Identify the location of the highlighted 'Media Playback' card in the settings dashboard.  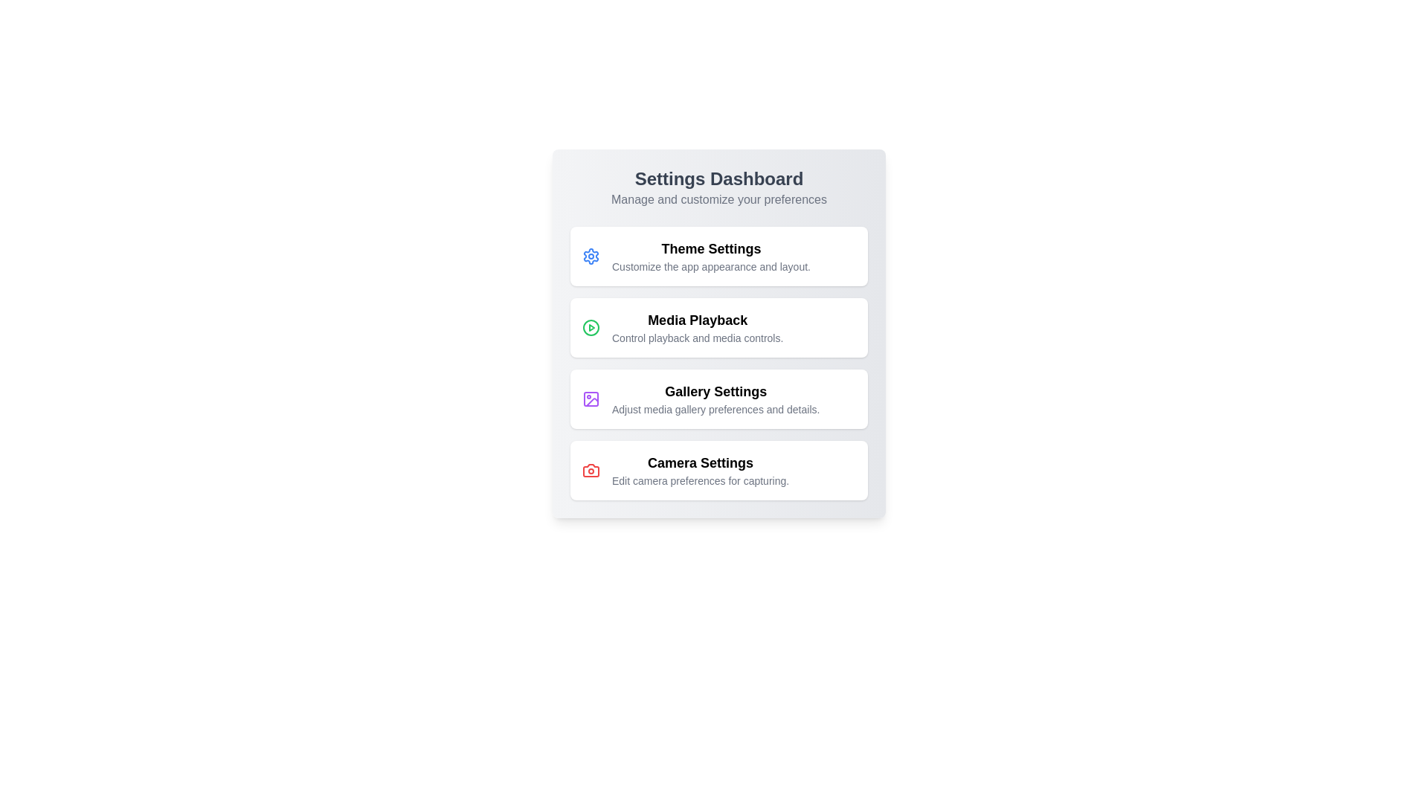
(718, 332).